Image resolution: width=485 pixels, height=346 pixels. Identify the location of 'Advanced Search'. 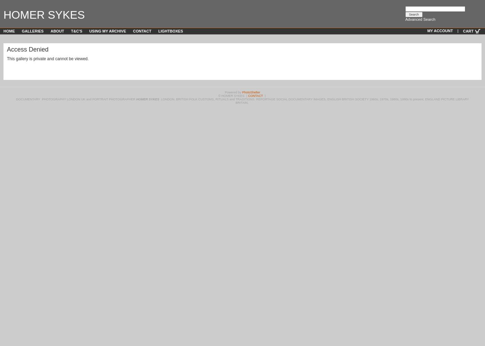
(420, 19).